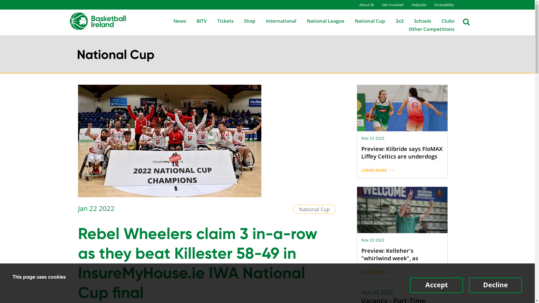 Image resolution: width=539 pixels, height=303 pixels. I want to click on 'International', so click(276, 20).